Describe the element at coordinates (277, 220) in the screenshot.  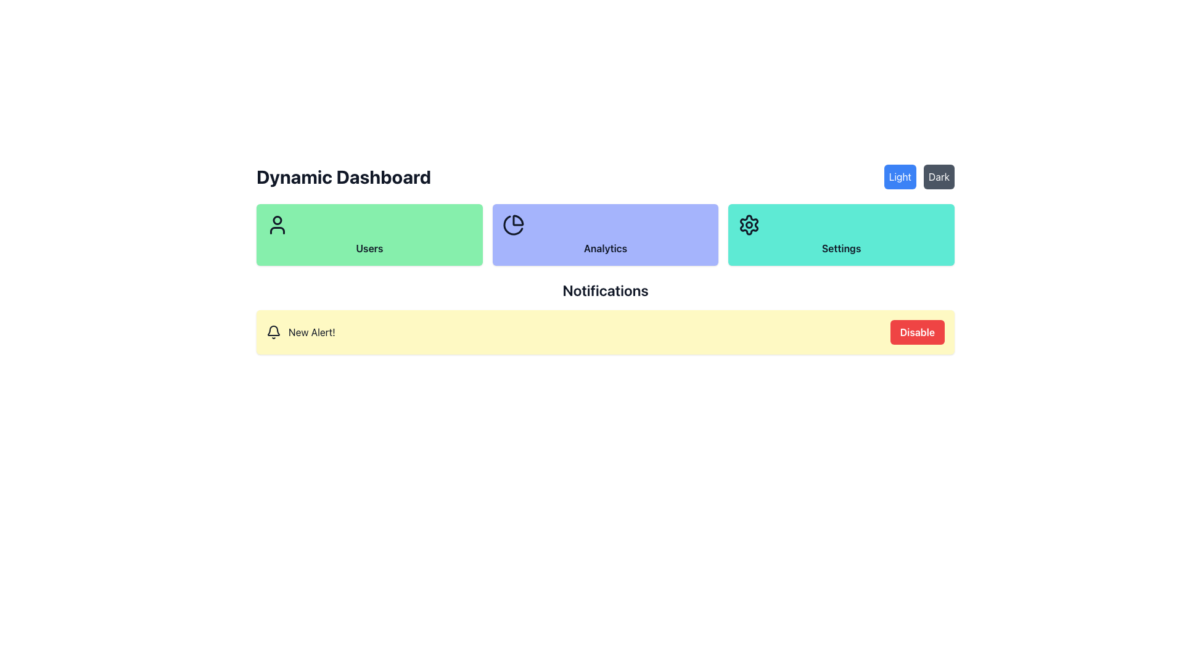
I see `the circular head of the user icon located at the top-left corner of the 'Users' green rectangle on the dashboard` at that location.